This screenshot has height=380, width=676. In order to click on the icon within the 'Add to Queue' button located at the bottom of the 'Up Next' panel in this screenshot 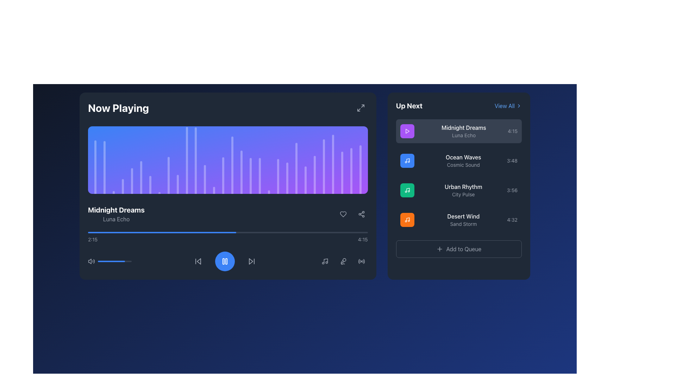, I will do `click(439, 249)`.